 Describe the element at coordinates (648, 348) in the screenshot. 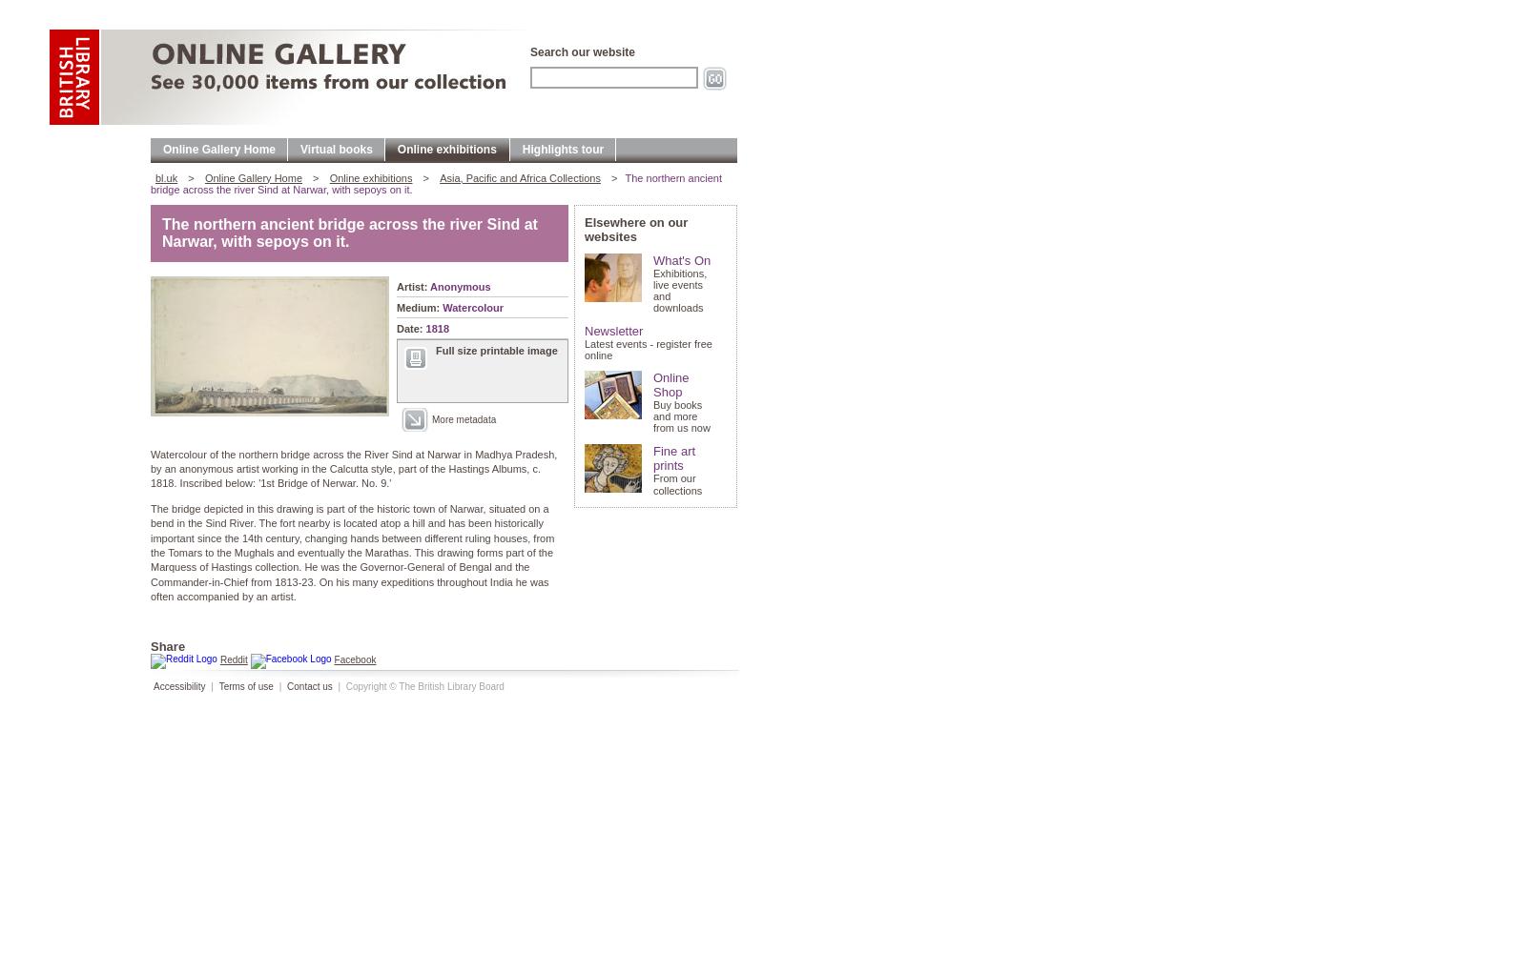

I see `'Latest events - register free online'` at that location.